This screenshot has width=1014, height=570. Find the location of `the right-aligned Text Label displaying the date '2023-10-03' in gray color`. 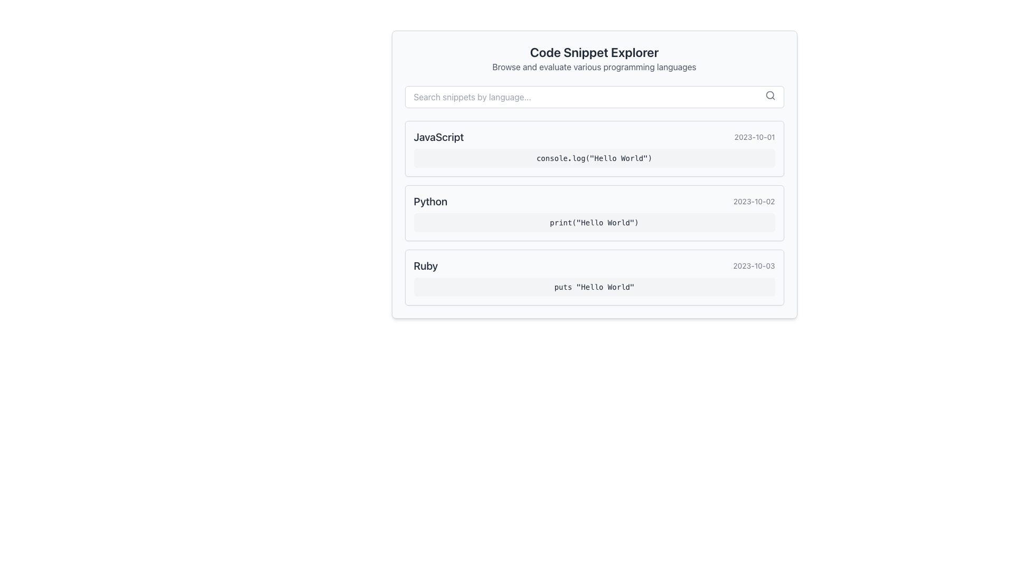

the right-aligned Text Label displaying the date '2023-10-03' in gray color is located at coordinates (753, 265).